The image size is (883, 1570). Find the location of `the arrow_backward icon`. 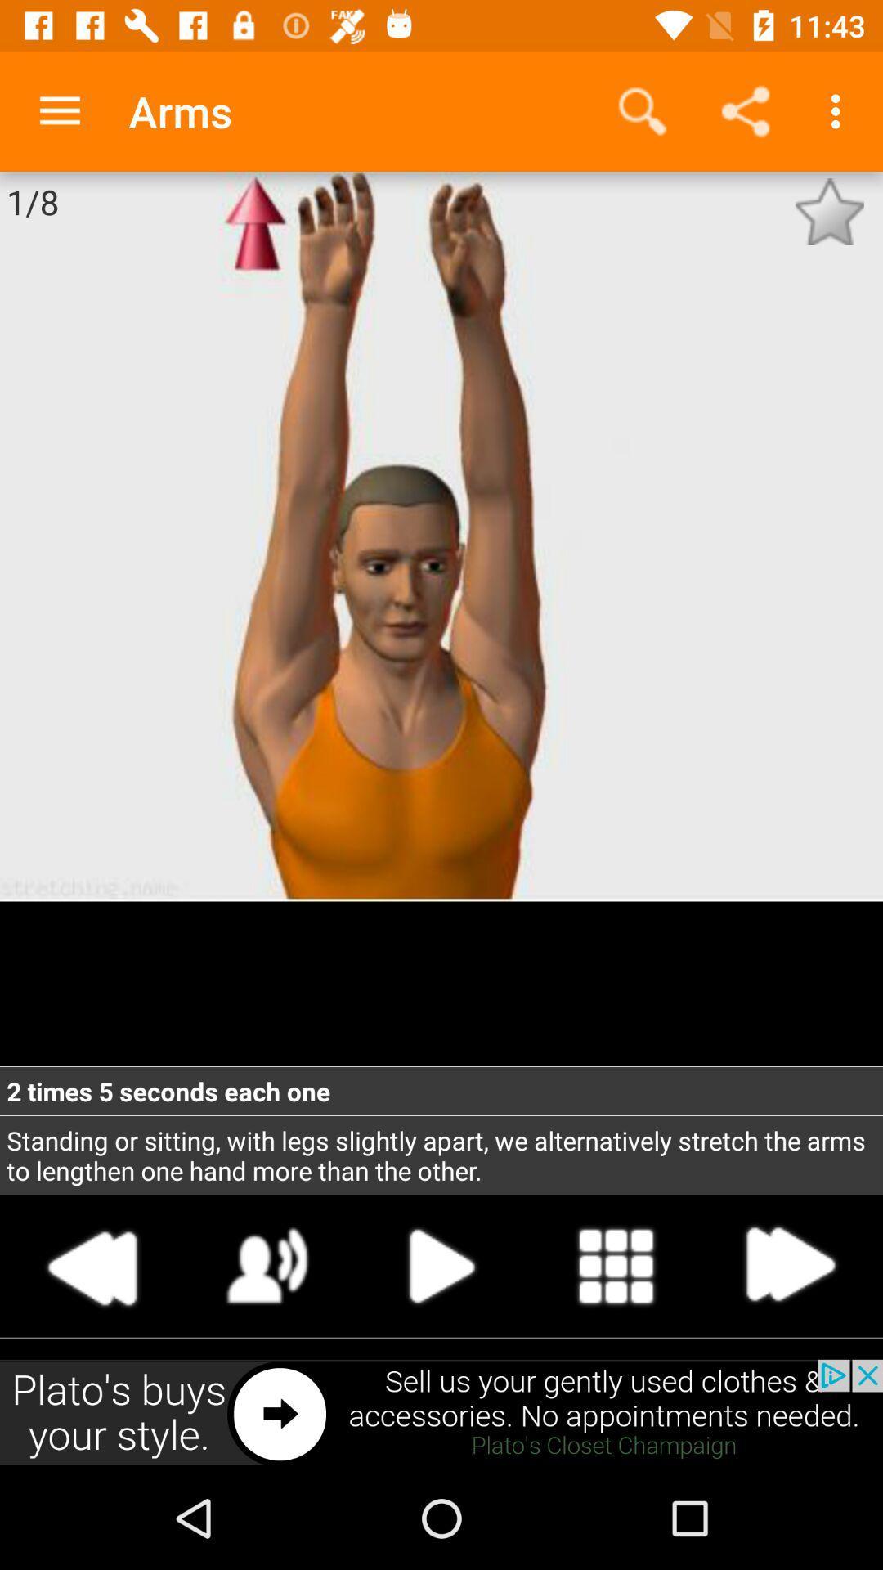

the arrow_backward icon is located at coordinates (93, 1265).